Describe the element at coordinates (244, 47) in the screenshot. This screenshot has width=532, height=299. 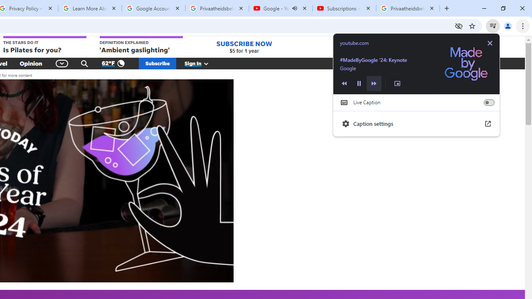
I see `'SUBSCRIBE NOW $5 for 1 year'` at that location.